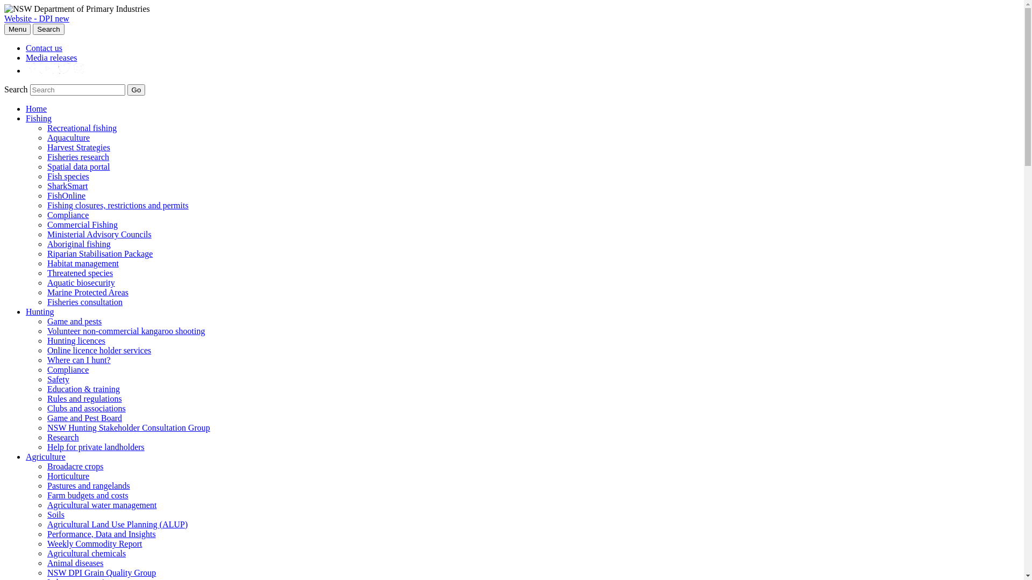 This screenshot has height=580, width=1032. What do you see at coordinates (87, 408) in the screenshot?
I see `'Clubs and associations'` at bounding box center [87, 408].